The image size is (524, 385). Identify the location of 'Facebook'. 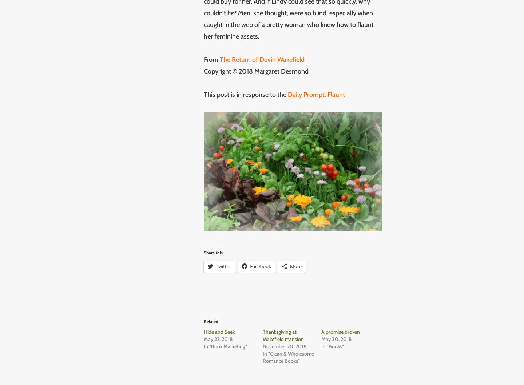
(260, 266).